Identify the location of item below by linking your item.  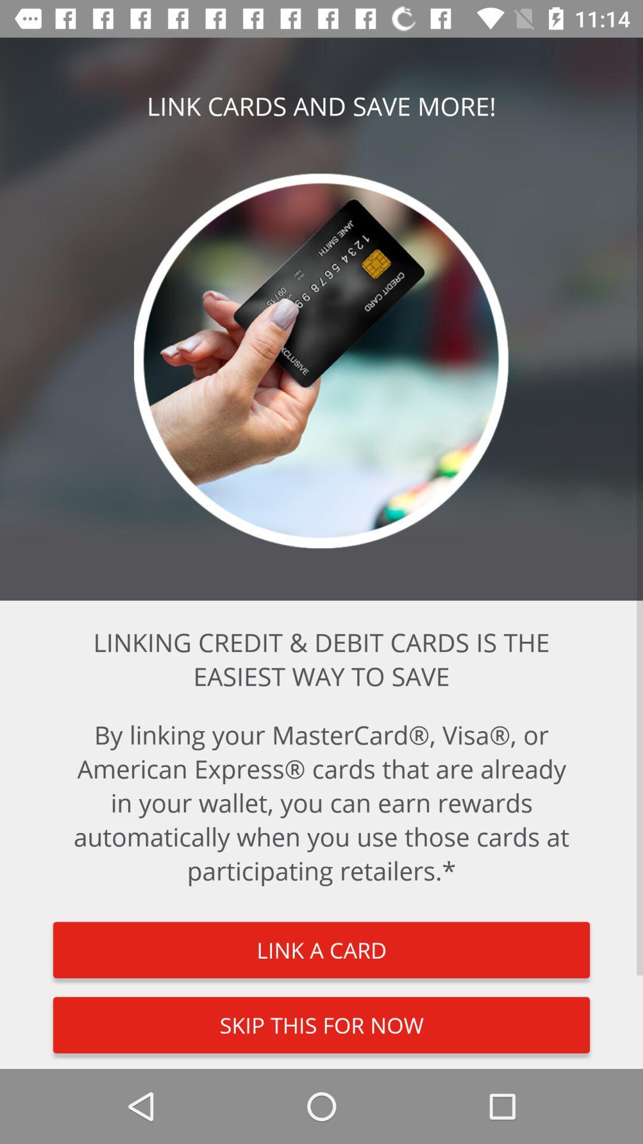
(321, 949).